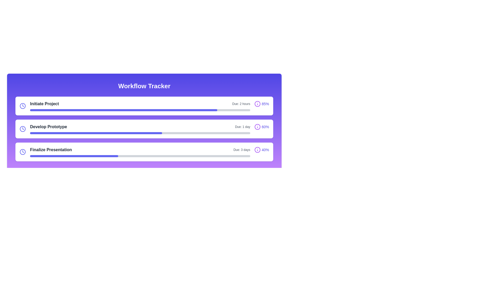 The image size is (502, 282). I want to click on the Text label indicating the due time or deadline for the task 'Initiate Project', located in the first task row of the workflow tracker interface, positioned to the right of the percentage completion indicator (85%), so click(241, 104).